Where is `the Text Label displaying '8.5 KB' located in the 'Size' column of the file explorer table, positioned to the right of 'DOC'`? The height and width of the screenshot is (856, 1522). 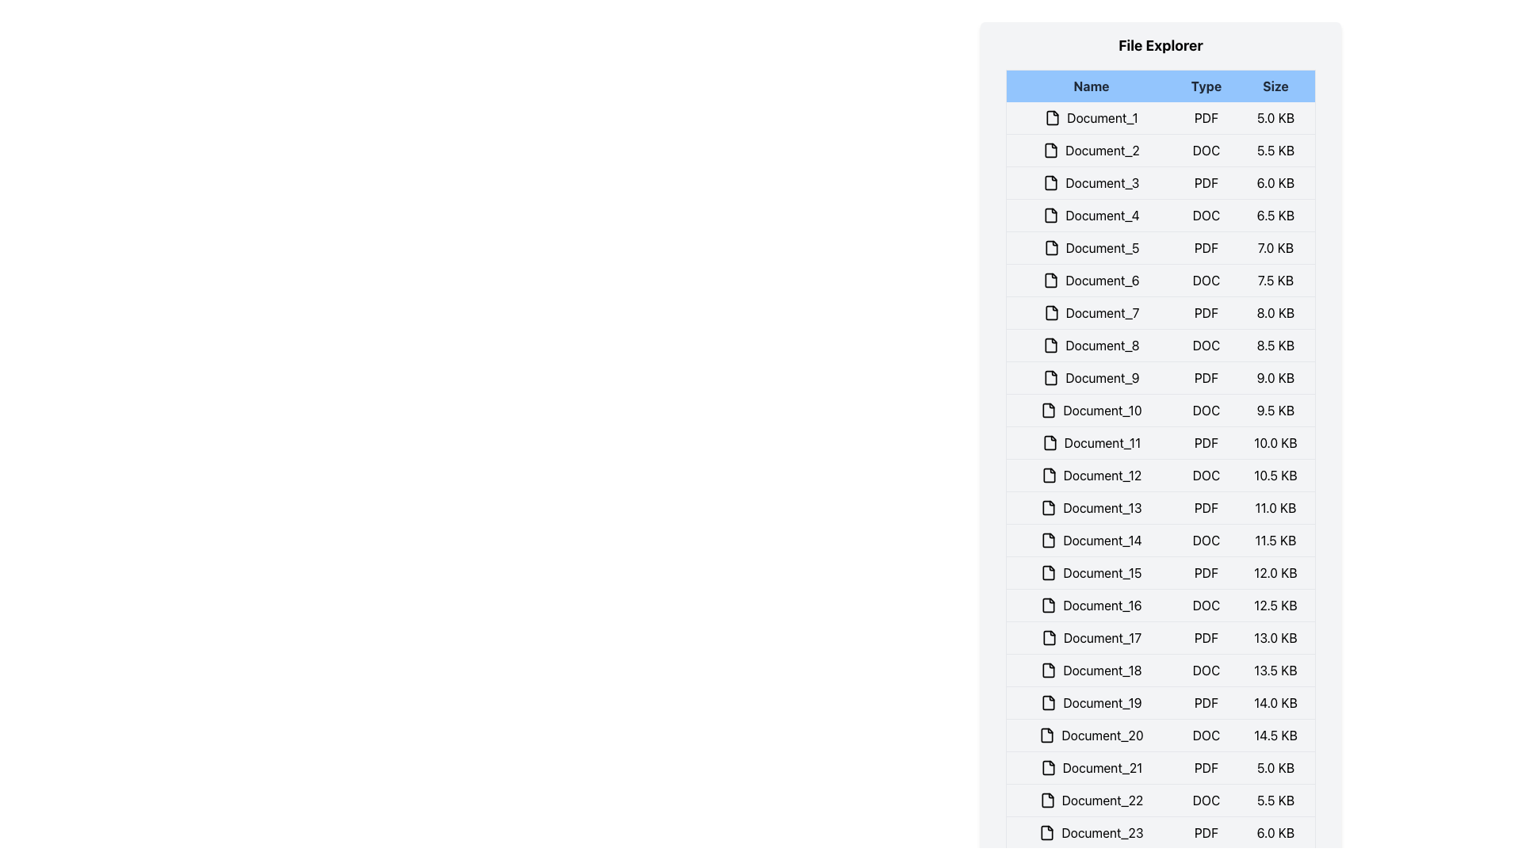
the Text Label displaying '8.5 KB' located in the 'Size' column of the file explorer table, positioned to the right of 'DOC' is located at coordinates (1275, 344).